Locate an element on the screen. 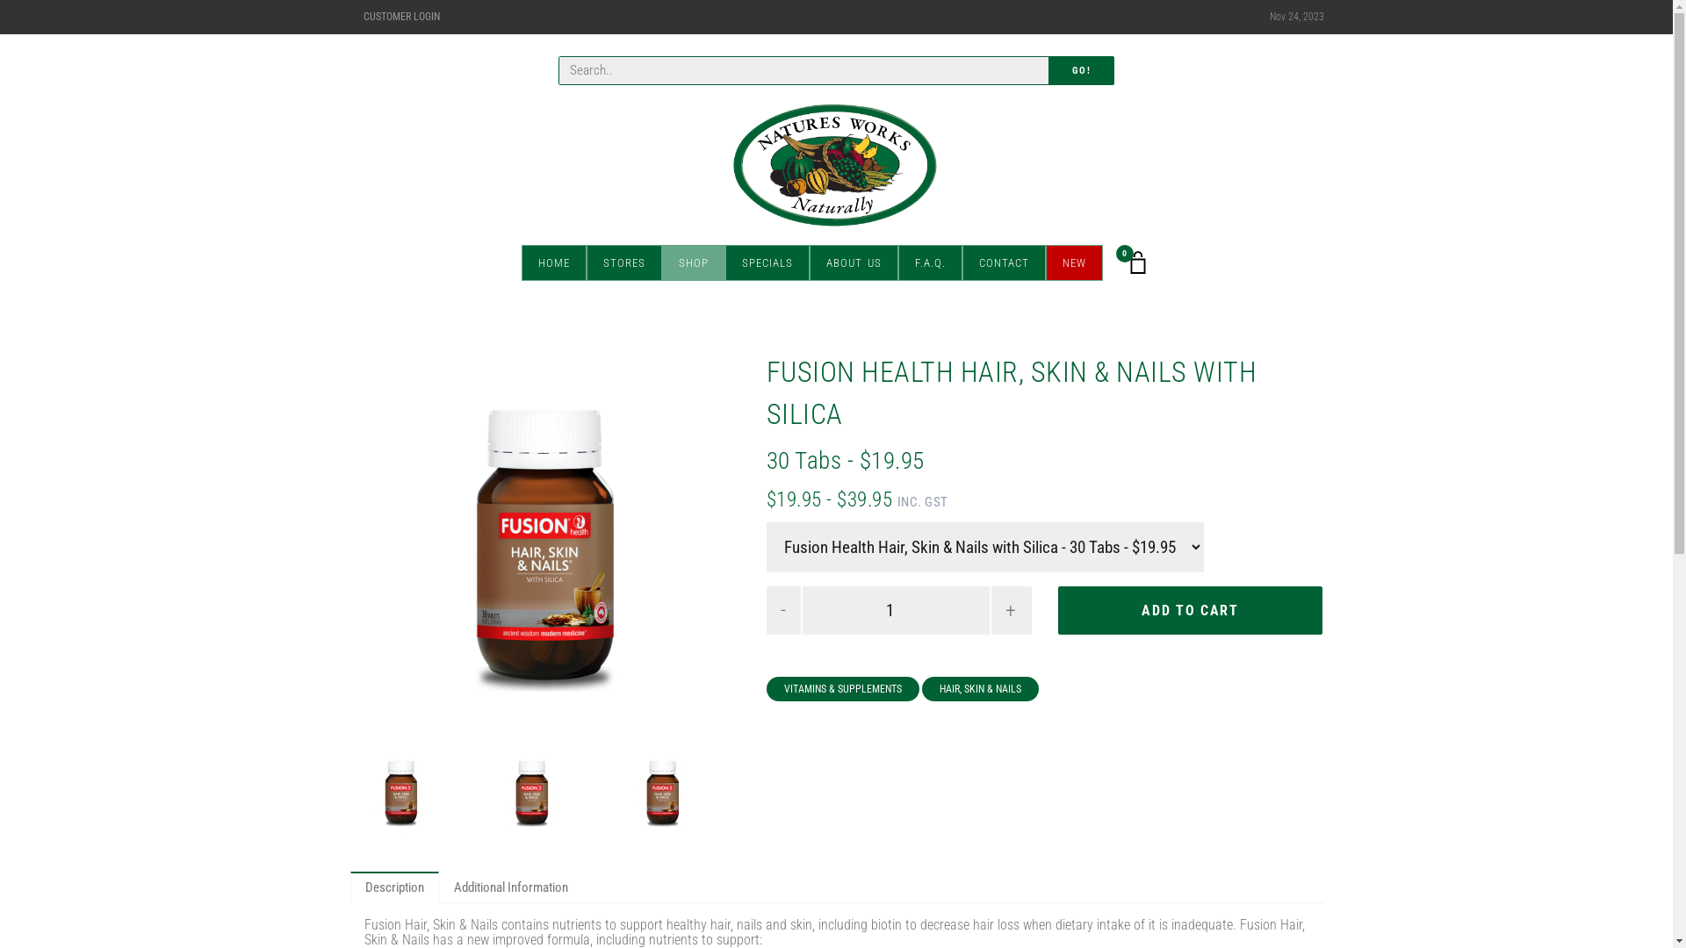  'Description' is located at coordinates (393, 887).